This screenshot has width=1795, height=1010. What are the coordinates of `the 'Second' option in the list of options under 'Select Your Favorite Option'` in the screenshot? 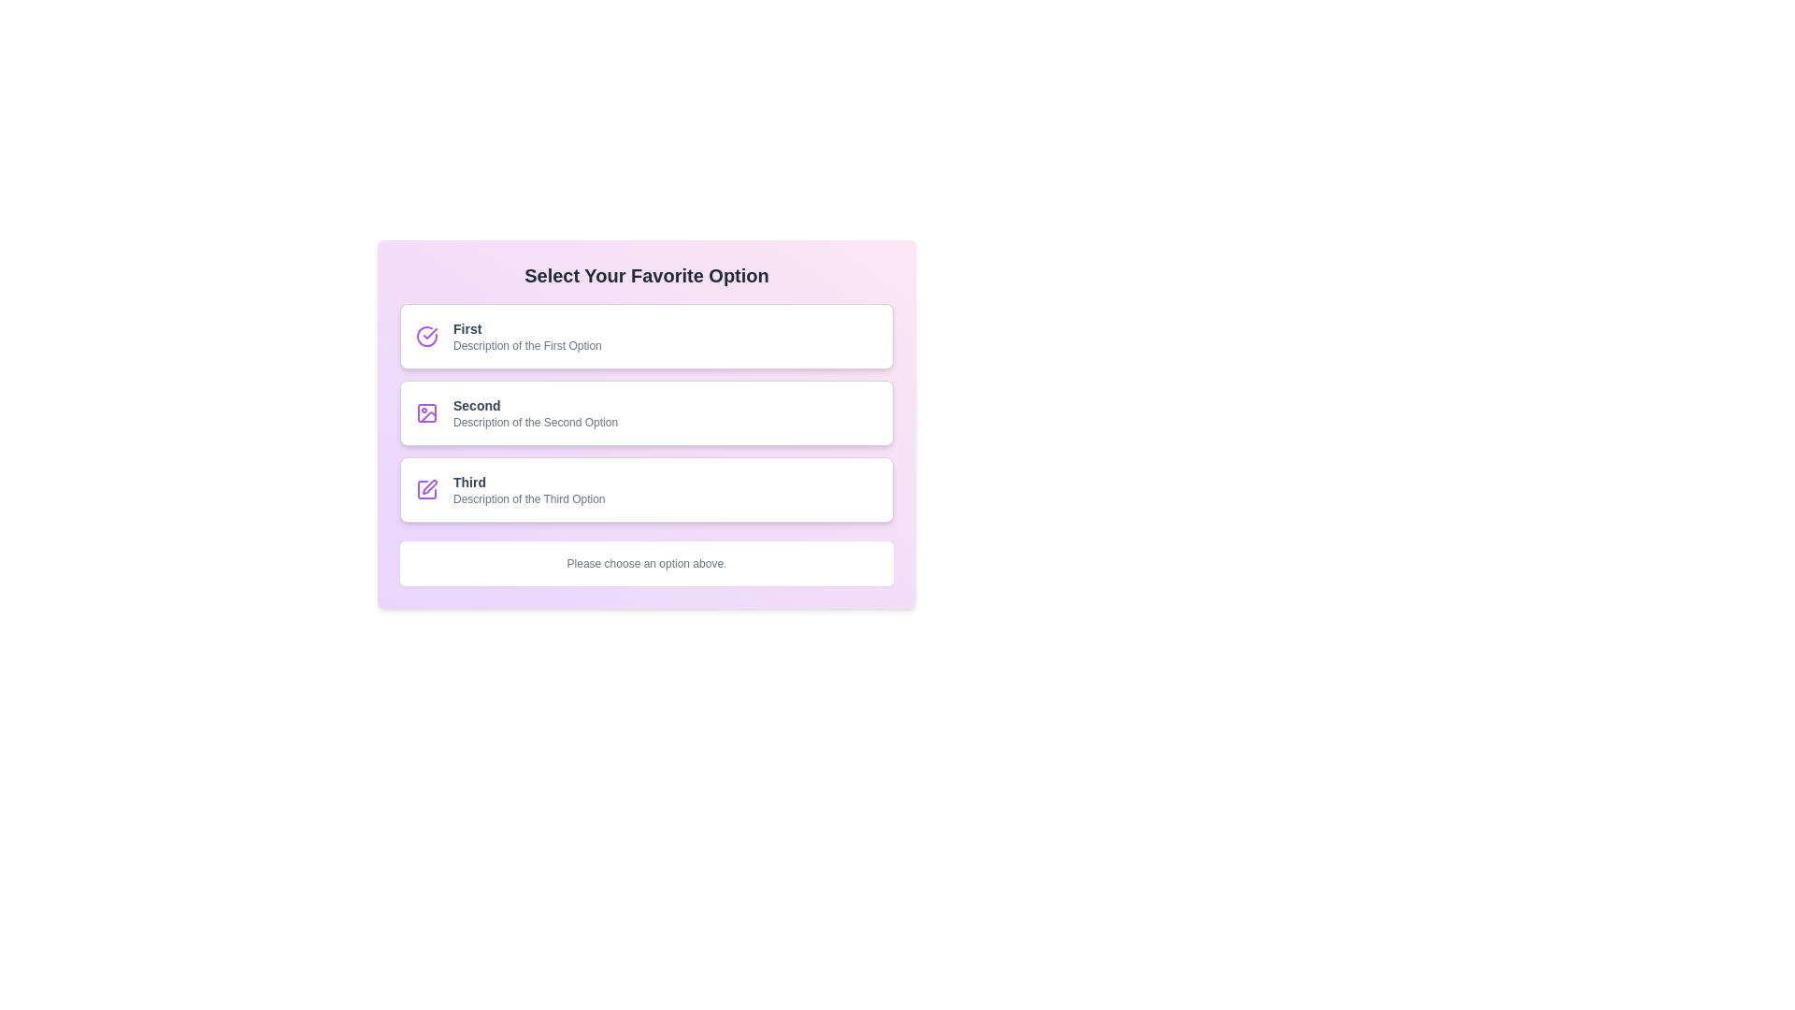 It's located at (646, 412).